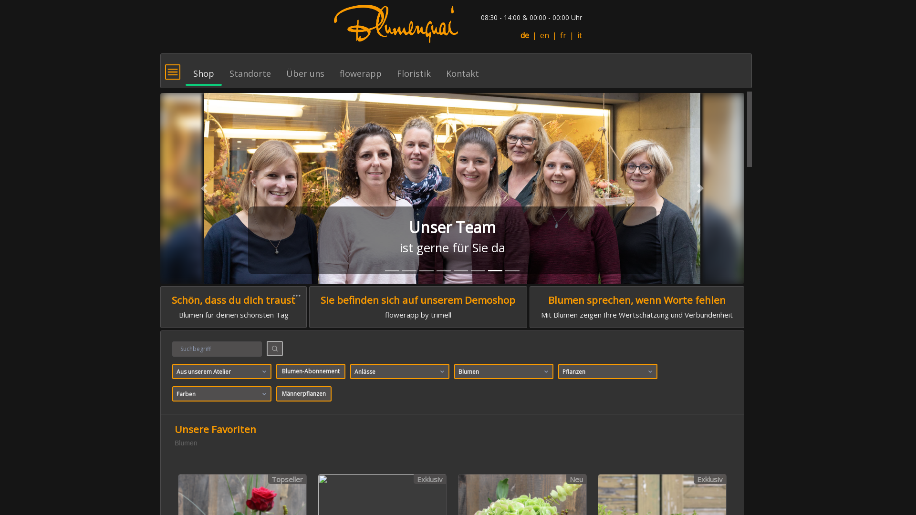 The height and width of the screenshot is (515, 916). Describe the element at coordinates (462, 69) in the screenshot. I see `'Kontakt'` at that location.